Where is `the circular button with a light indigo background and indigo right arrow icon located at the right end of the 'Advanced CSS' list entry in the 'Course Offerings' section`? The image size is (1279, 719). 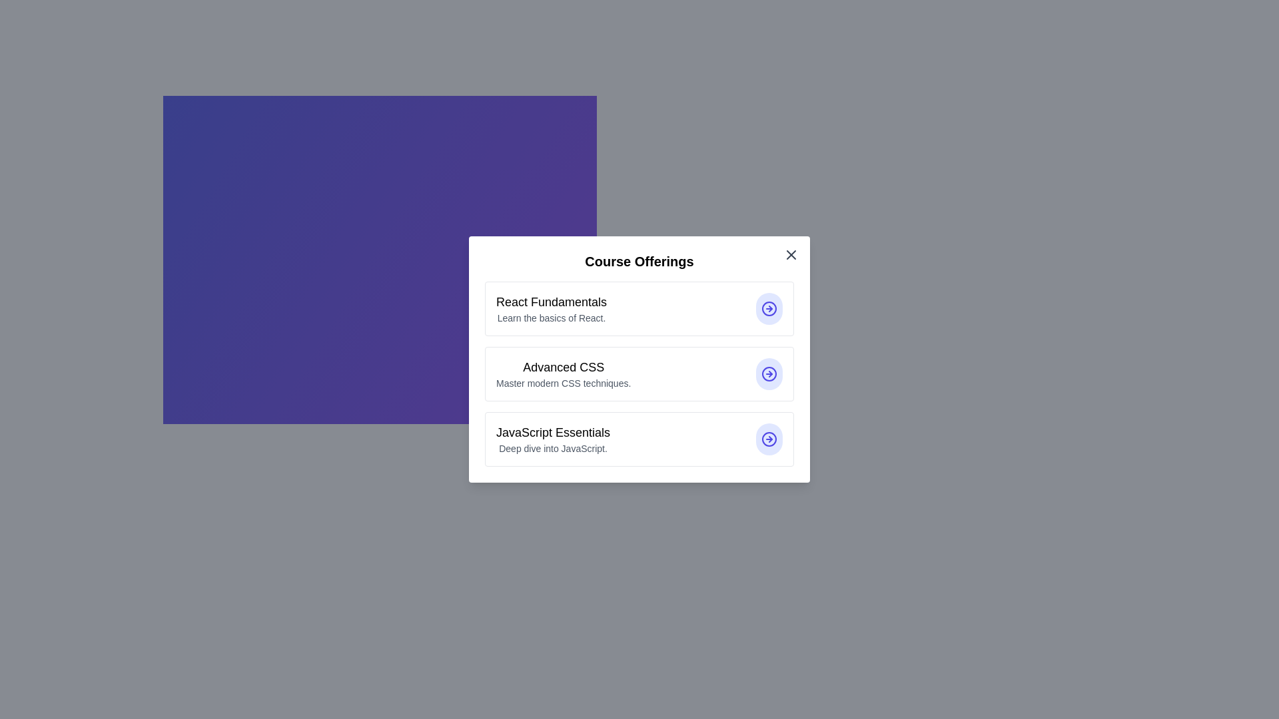
the circular button with a light indigo background and indigo right arrow icon located at the right end of the 'Advanced CSS' list entry in the 'Course Offerings' section is located at coordinates (769, 374).